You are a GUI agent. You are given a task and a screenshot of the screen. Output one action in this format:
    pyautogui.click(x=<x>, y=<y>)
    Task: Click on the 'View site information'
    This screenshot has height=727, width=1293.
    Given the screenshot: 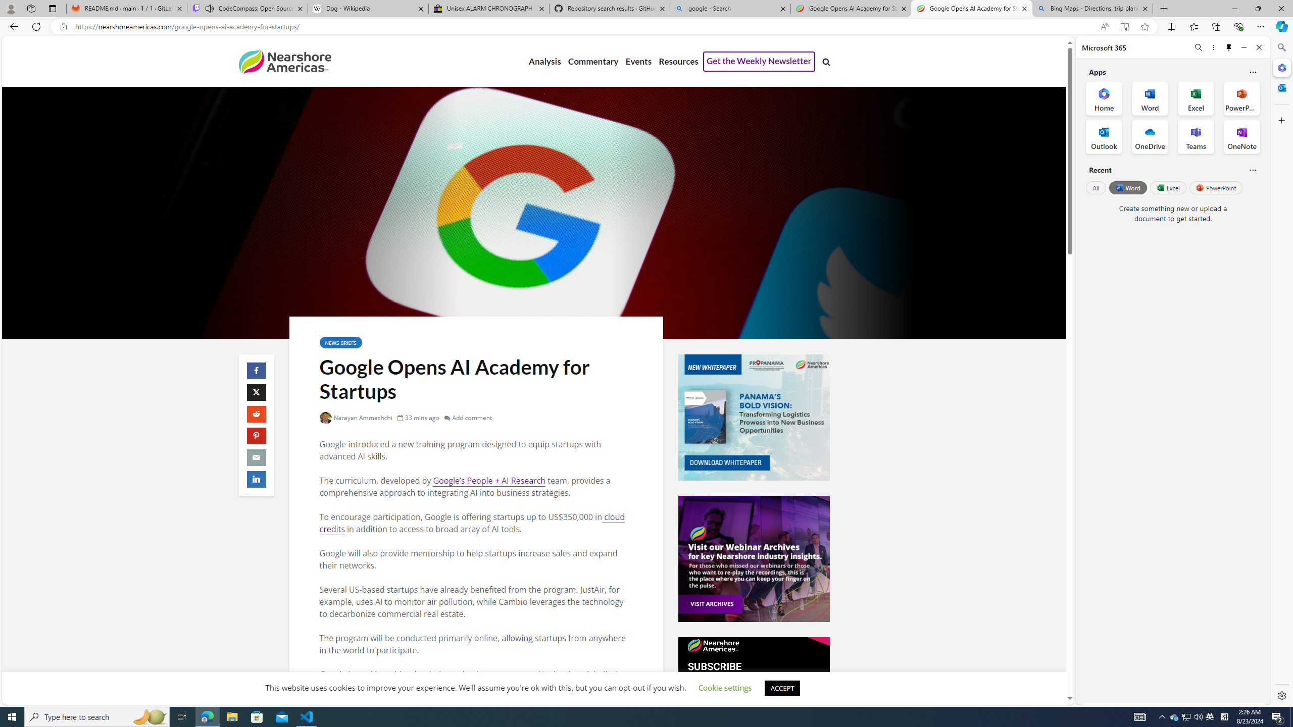 What is the action you would take?
    pyautogui.click(x=63, y=27)
    